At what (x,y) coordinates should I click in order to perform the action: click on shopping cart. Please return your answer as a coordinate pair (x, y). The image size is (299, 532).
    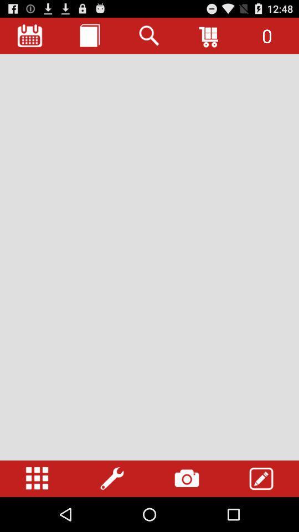
    Looking at the image, I should click on (209, 35).